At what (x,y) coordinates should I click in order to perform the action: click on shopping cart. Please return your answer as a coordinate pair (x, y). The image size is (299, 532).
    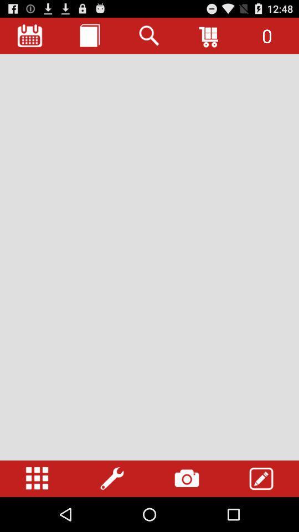
    Looking at the image, I should click on (209, 35).